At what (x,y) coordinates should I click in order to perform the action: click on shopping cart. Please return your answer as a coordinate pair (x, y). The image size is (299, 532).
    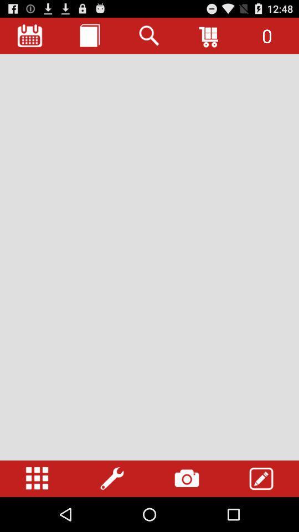
    Looking at the image, I should click on (209, 35).